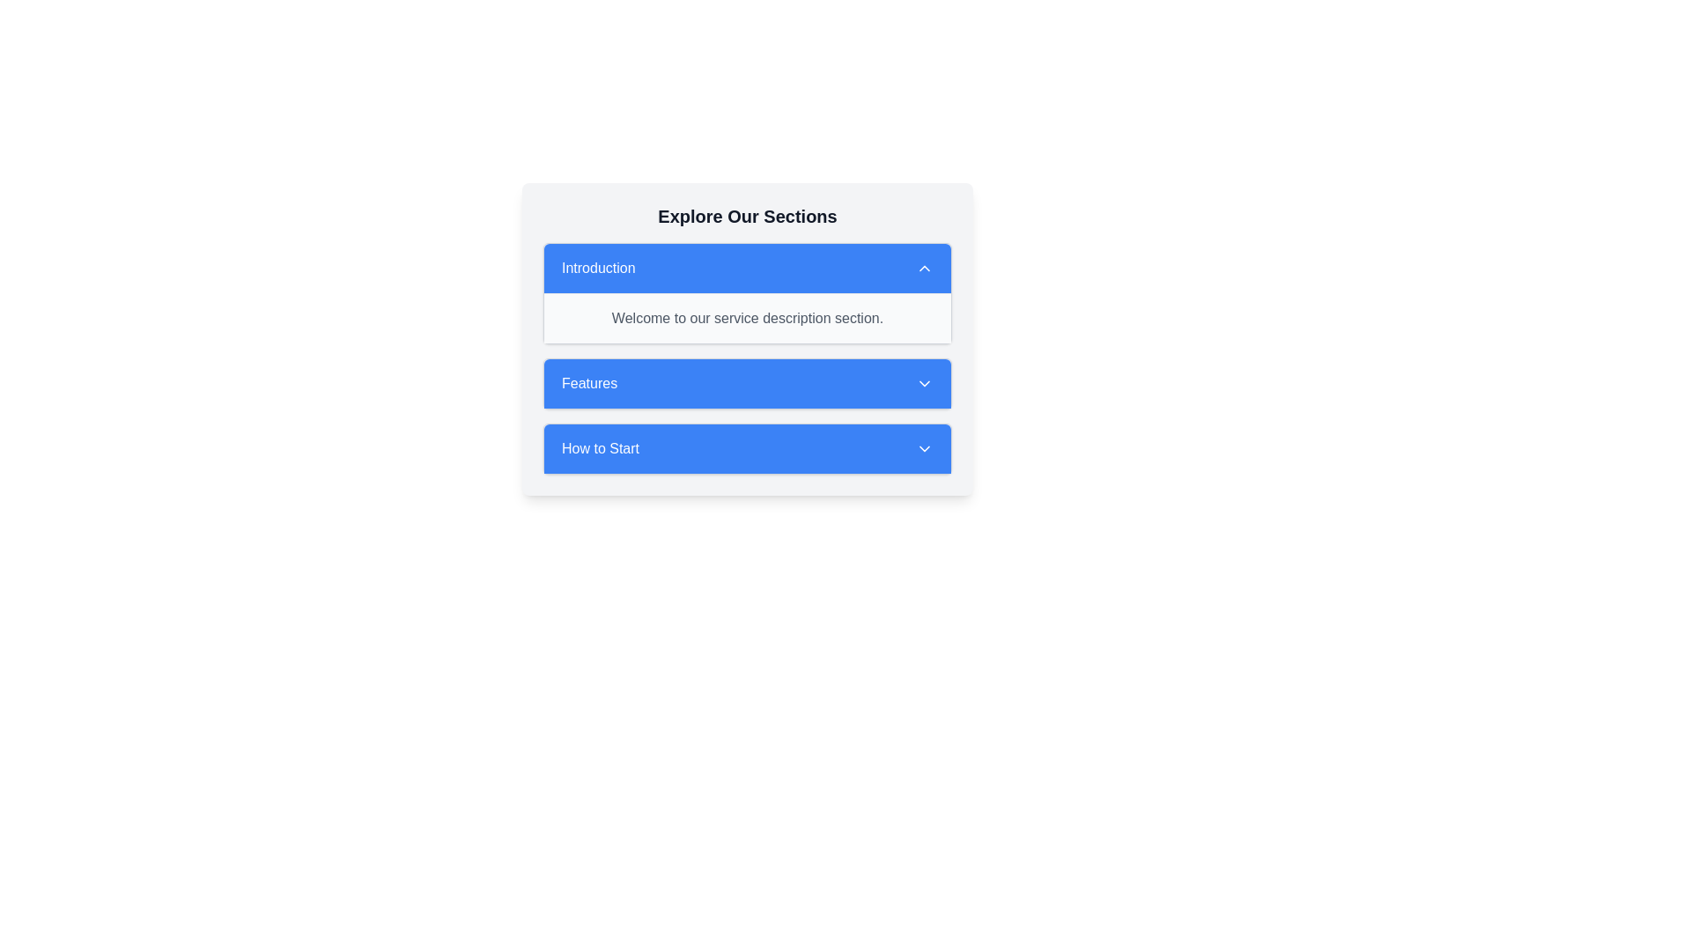 The image size is (1691, 951). Describe the element at coordinates (600, 447) in the screenshot. I see `the text label or heading located in the left portion of the header bar for the collapsible section labeled 'How to Start', which is adjacent to the arrow icon` at that location.